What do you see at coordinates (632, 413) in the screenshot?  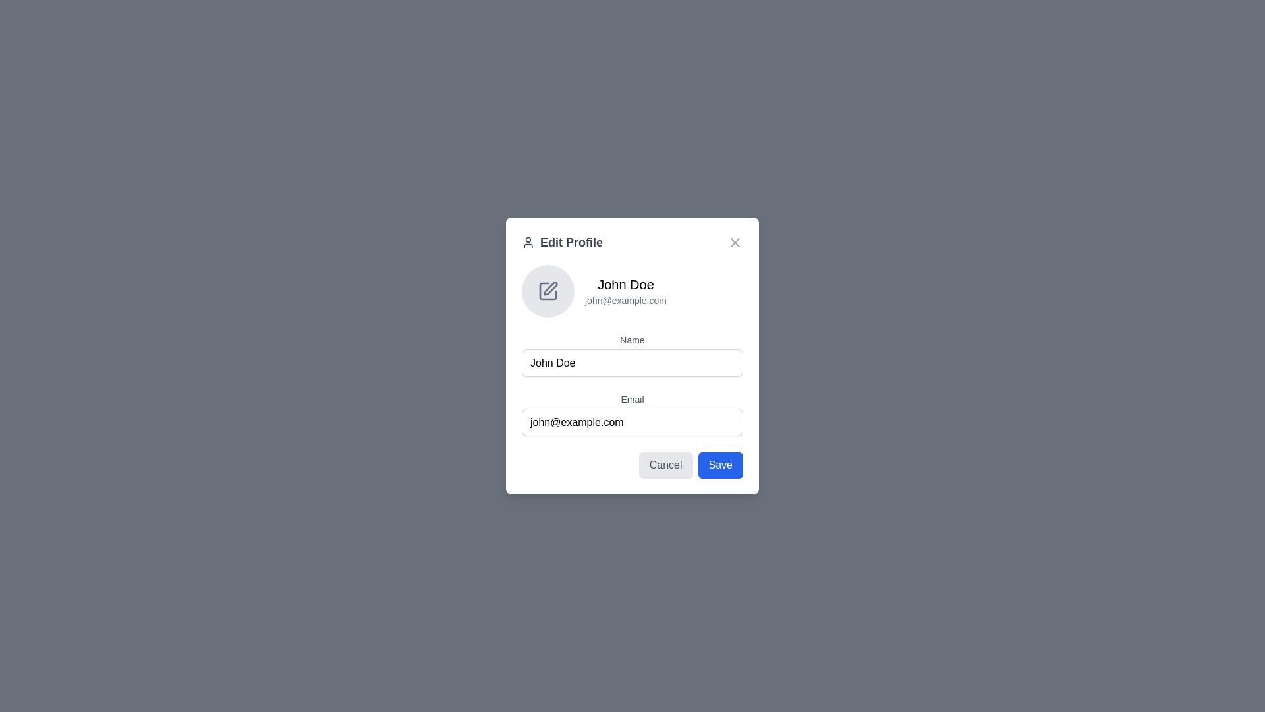 I see `the labeled email input field, which is the second input field in the 'Edit Profile' form, to focus and edit the email address` at bounding box center [632, 413].